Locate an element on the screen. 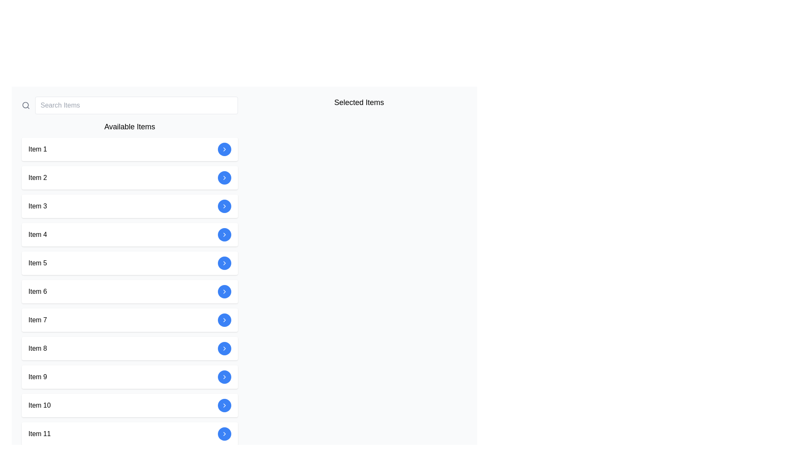 The image size is (803, 452). the chevron icon button in the circular blue button corresponding to 'Item 11' in the list is located at coordinates (224, 434).